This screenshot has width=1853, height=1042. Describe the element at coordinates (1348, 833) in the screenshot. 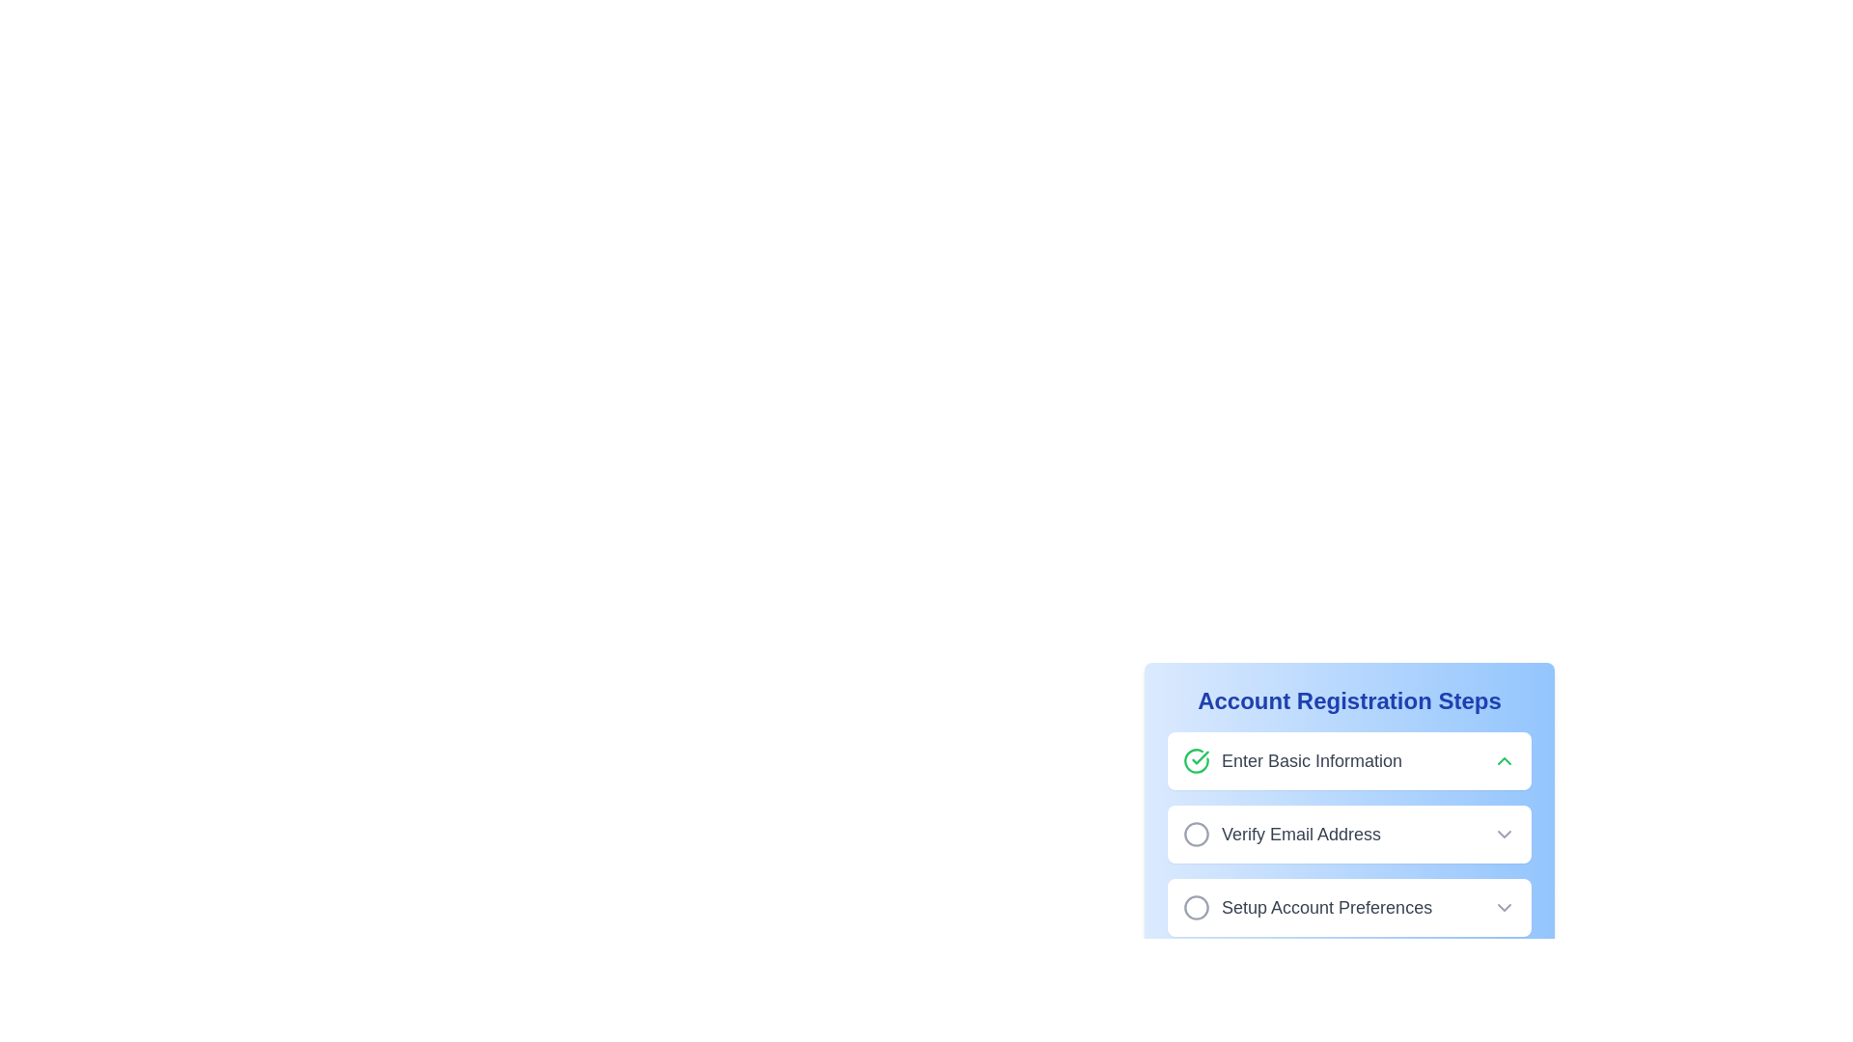

I see `the 'Verify Email Address' button-like component within the step indicator` at that location.